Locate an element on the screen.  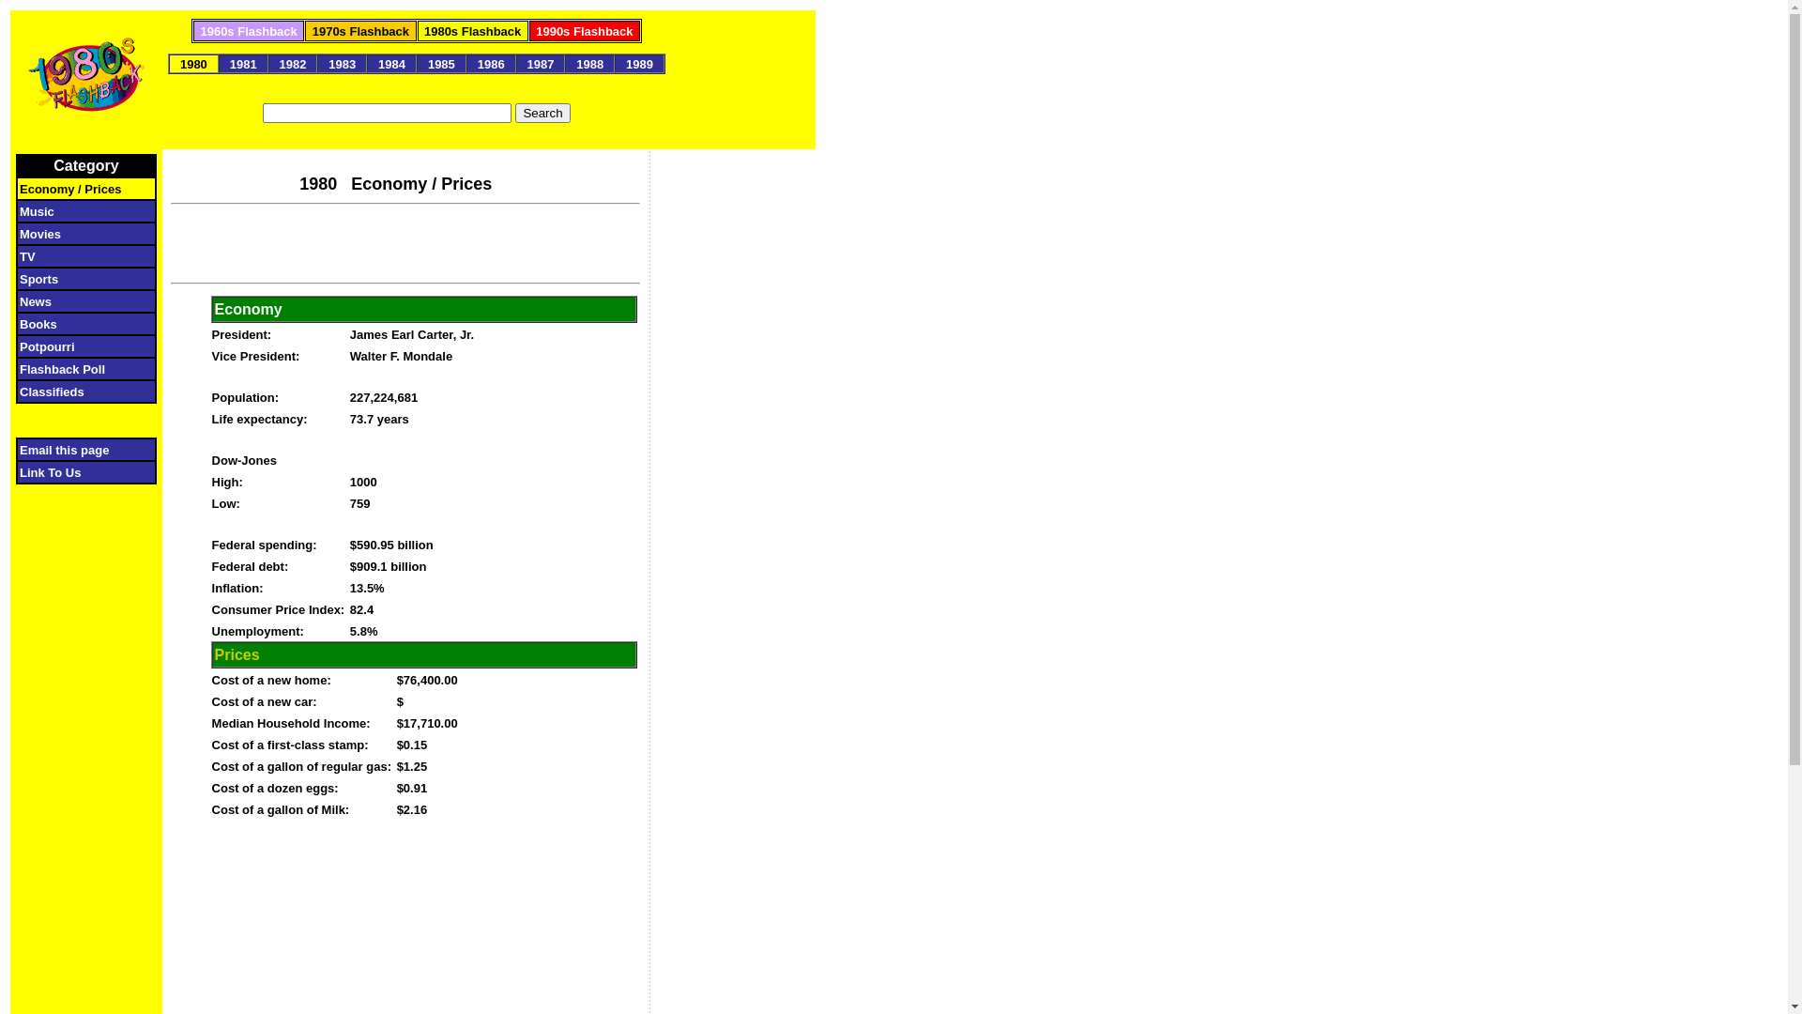
' 1985 ' is located at coordinates (440, 62).